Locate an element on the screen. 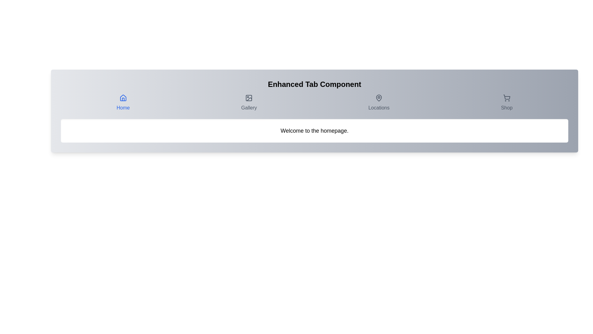 The height and width of the screenshot is (334, 593). the image icon located in the 'Gallery' section of the top navigation bar, positioned between the 'Home' and 'Locations' sections is located at coordinates (249, 97).